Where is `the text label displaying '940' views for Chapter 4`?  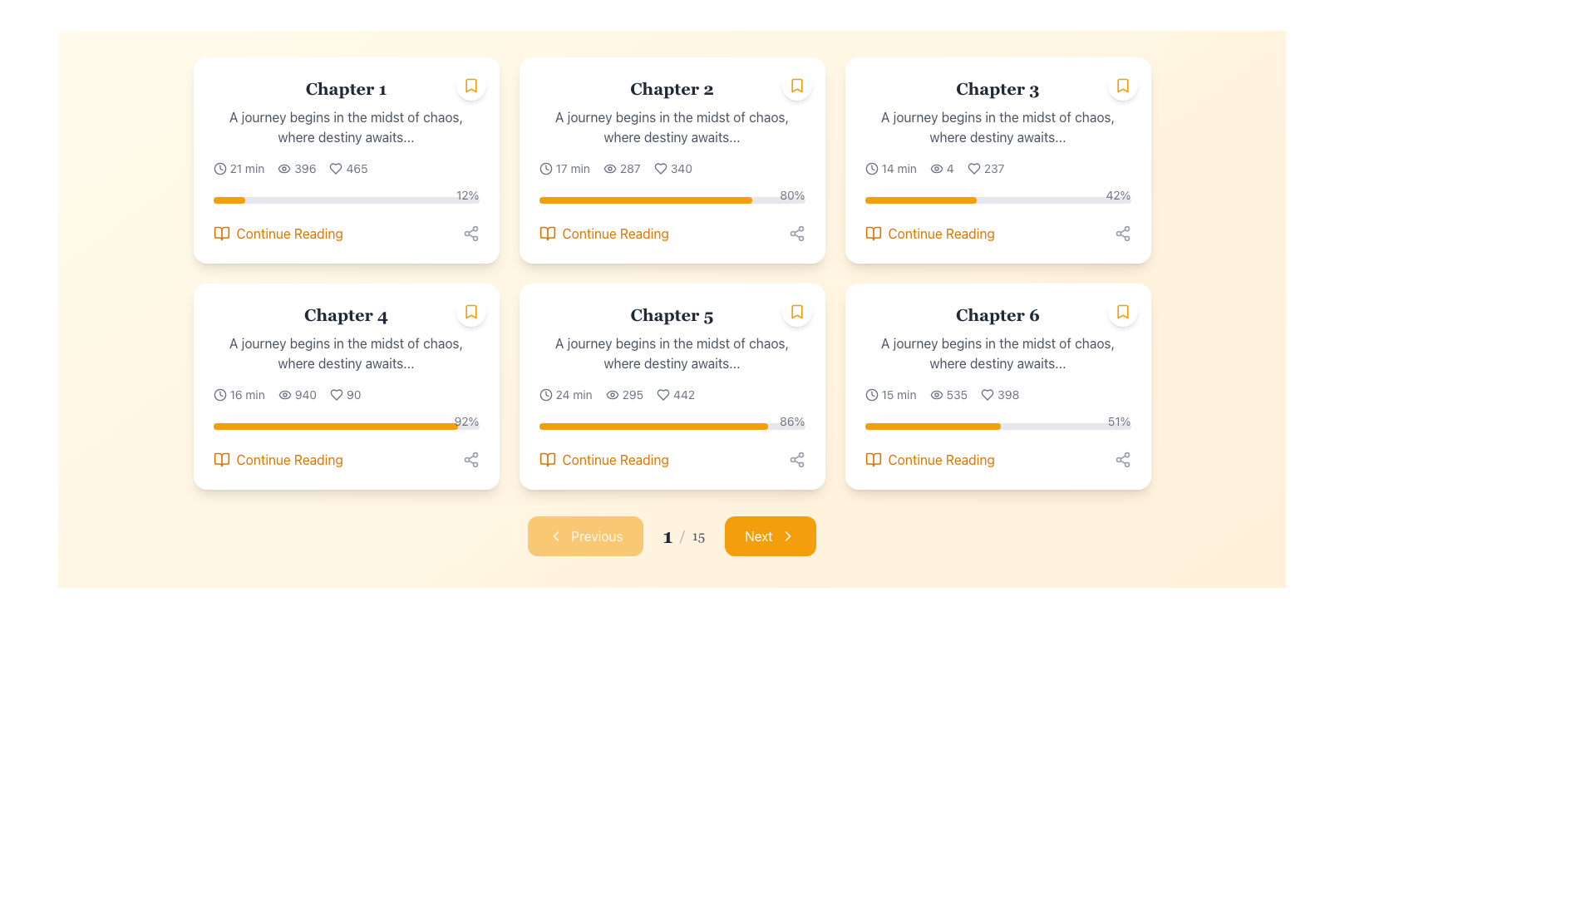 the text label displaying '940' views for Chapter 4 is located at coordinates (305, 394).